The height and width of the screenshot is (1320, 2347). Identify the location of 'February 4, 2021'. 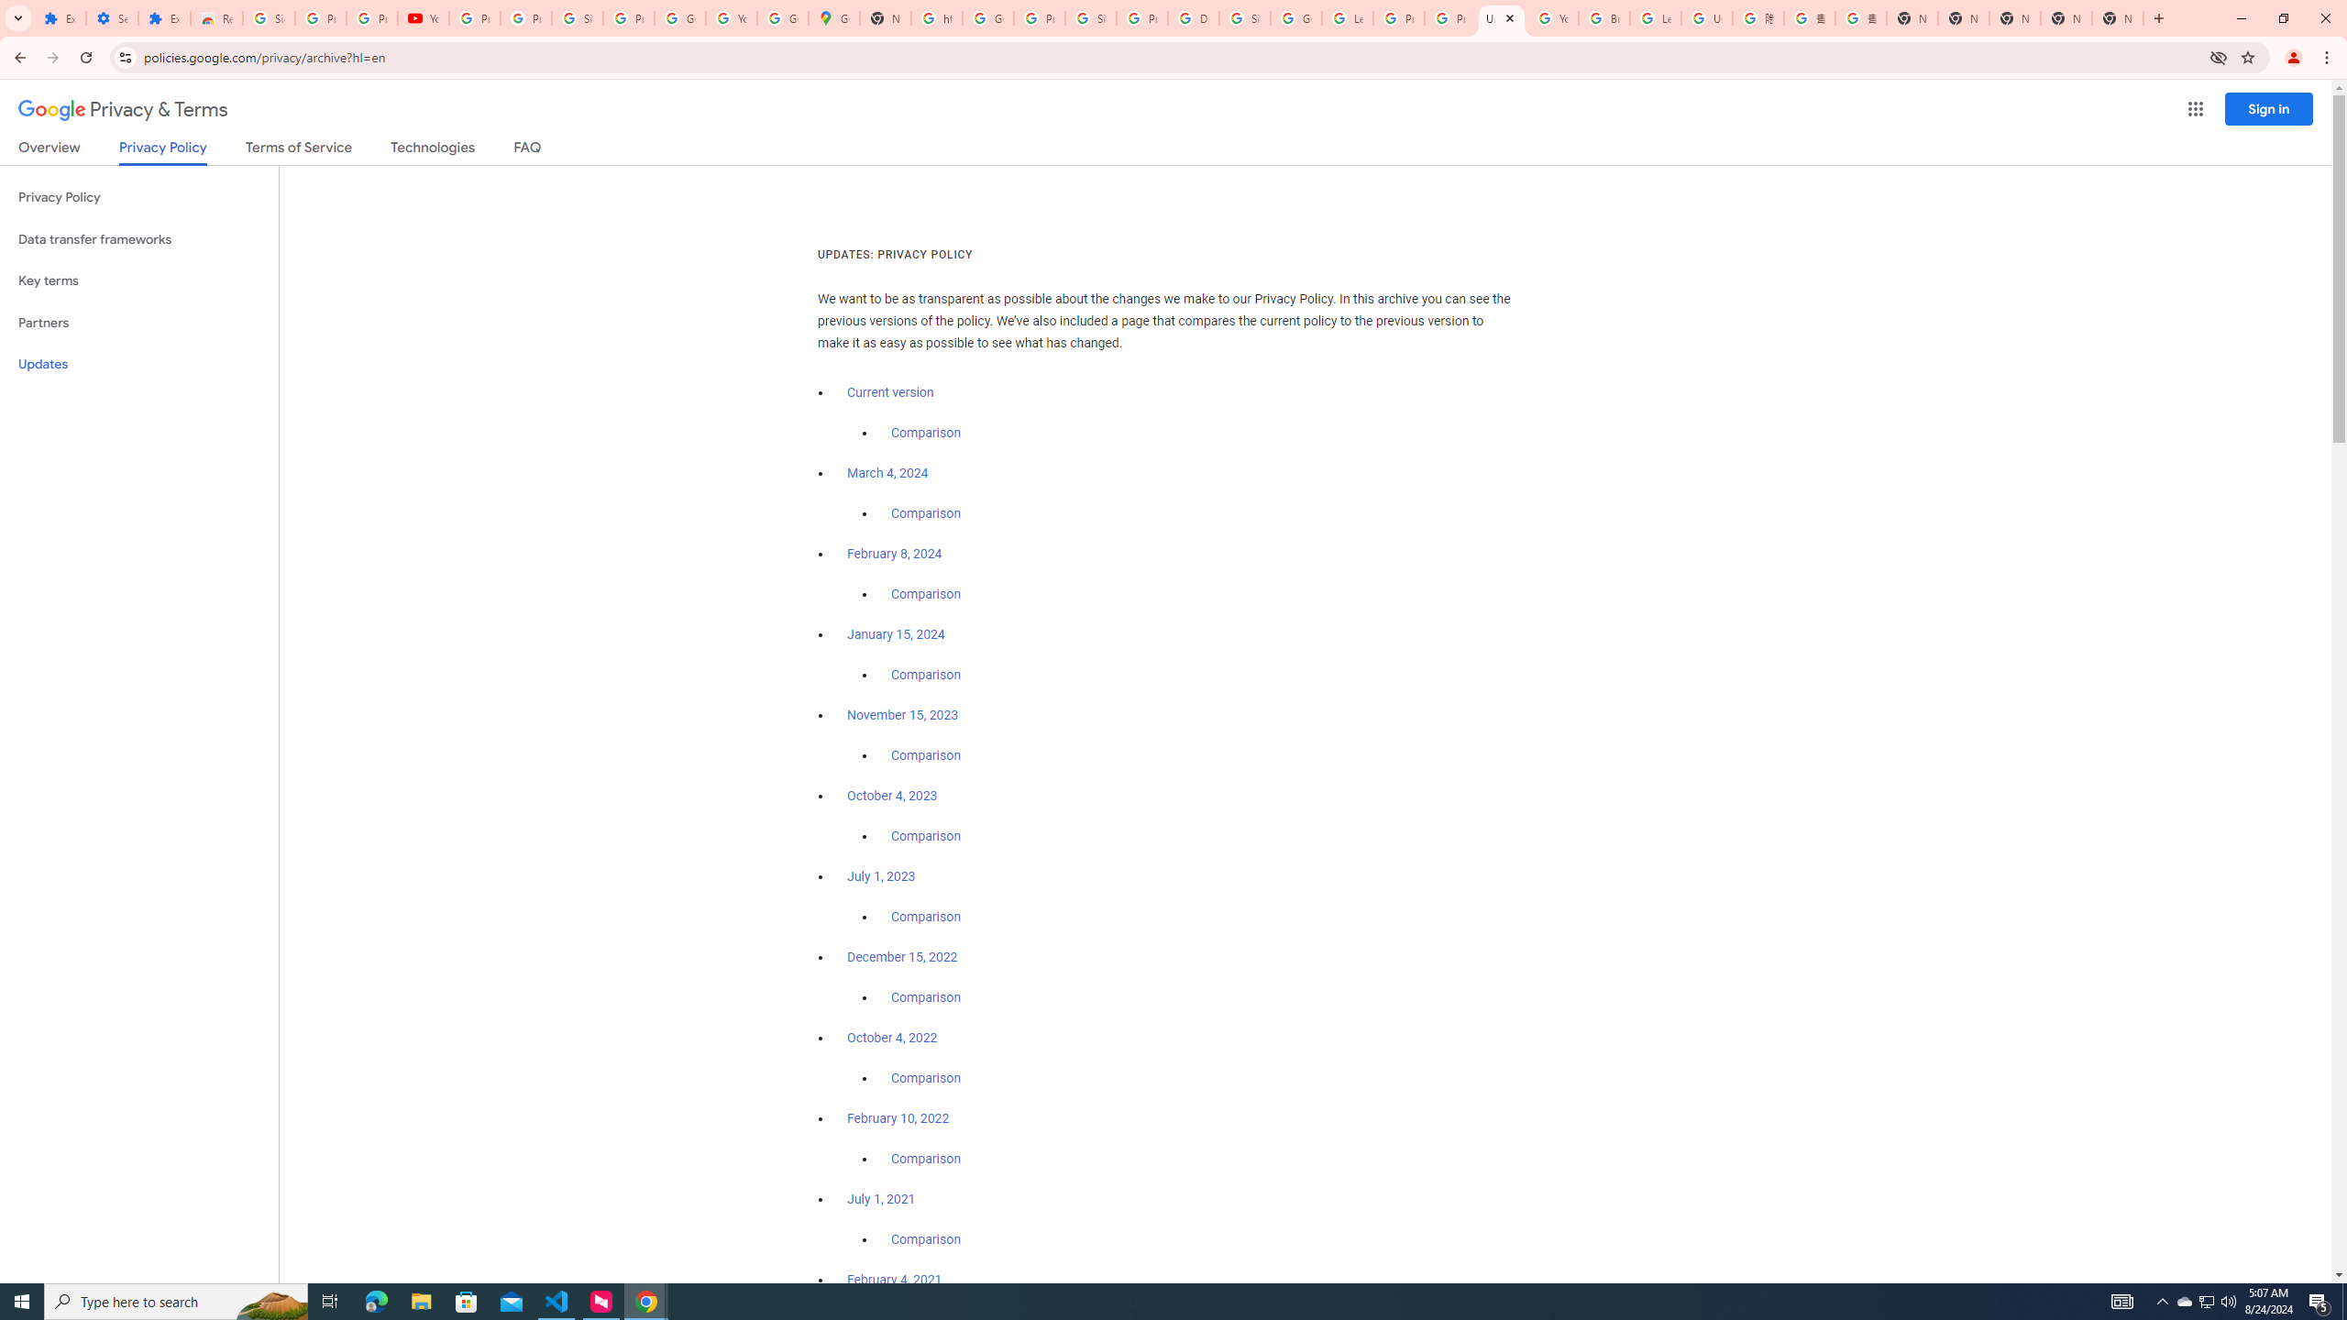
(894, 1279).